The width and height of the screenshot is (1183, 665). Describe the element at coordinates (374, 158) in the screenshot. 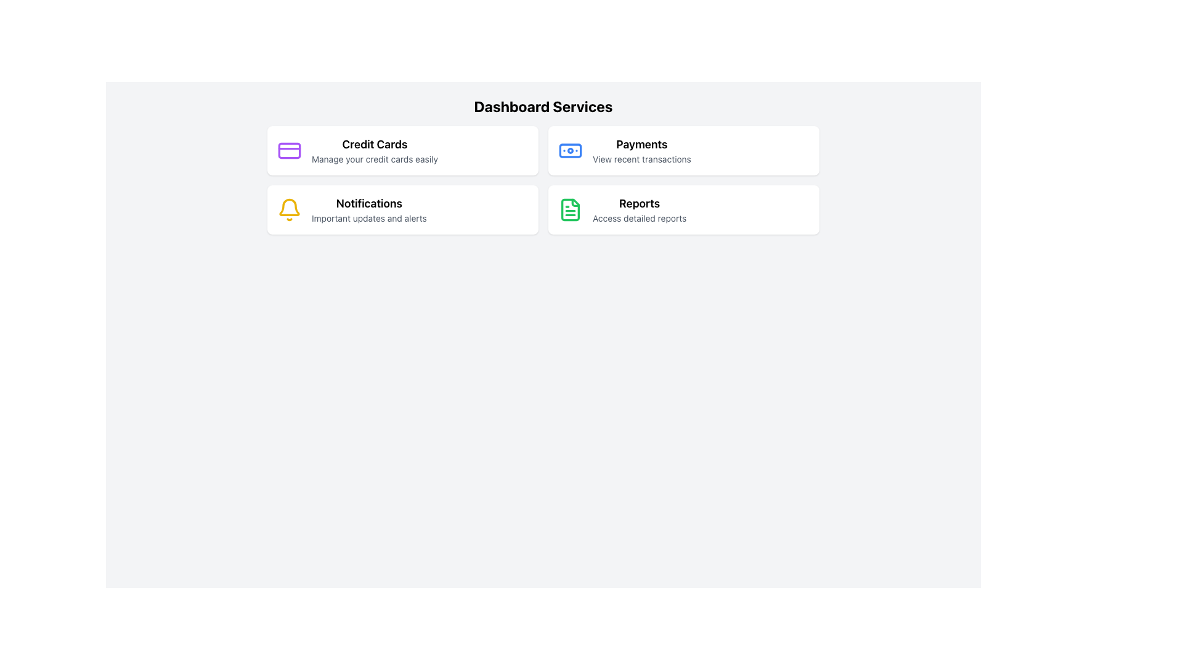

I see `static text label located in the 'Credit Cards' section, positioned below the title 'Credit Cards', which provides additional context about managing credit cards easily` at that location.